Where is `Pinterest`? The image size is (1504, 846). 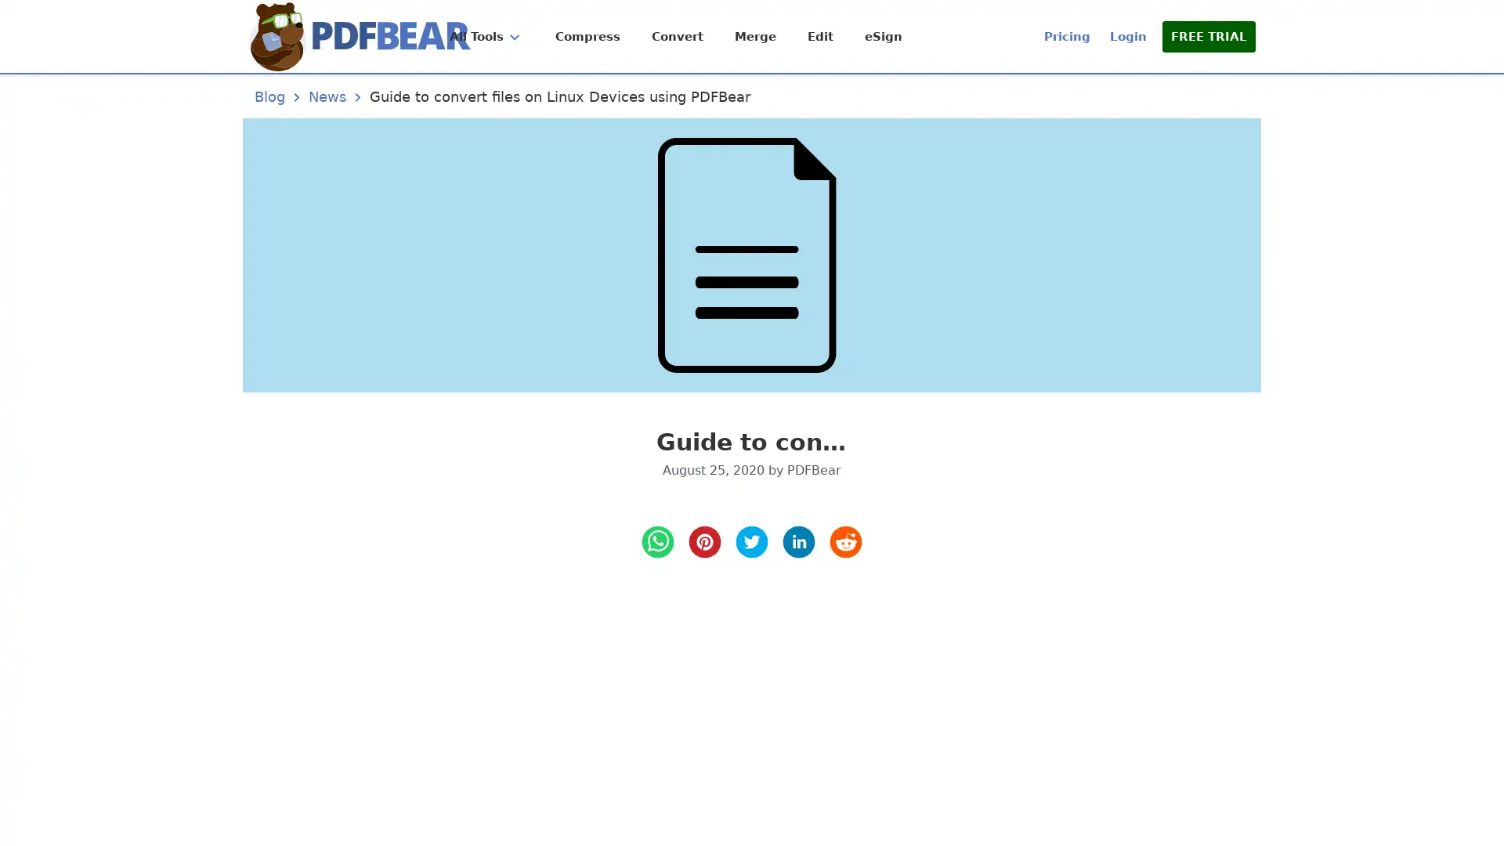
Pinterest is located at coordinates (704, 540).